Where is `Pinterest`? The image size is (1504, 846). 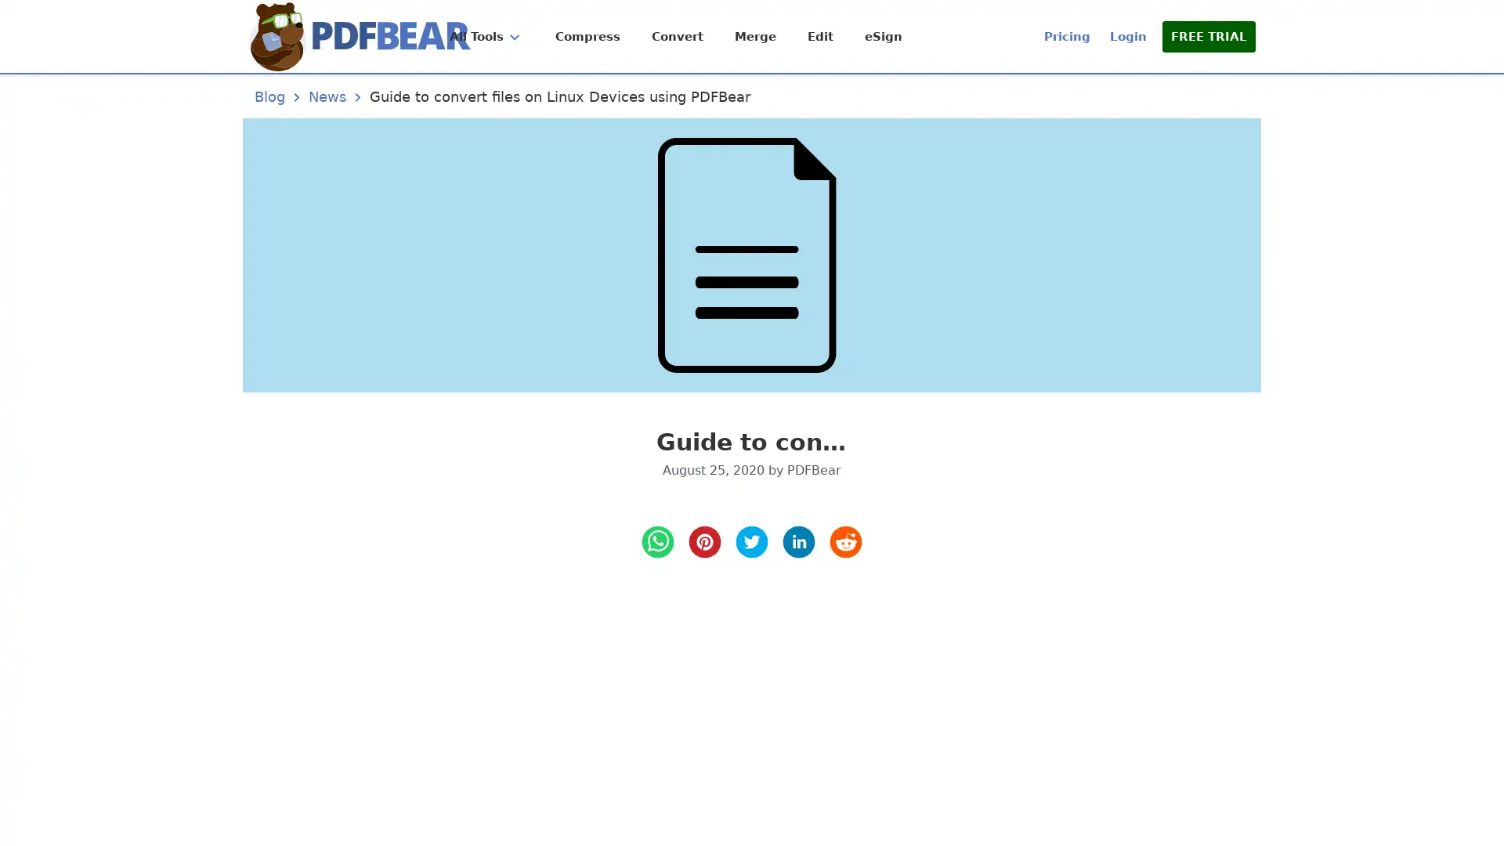
Pinterest is located at coordinates (704, 540).